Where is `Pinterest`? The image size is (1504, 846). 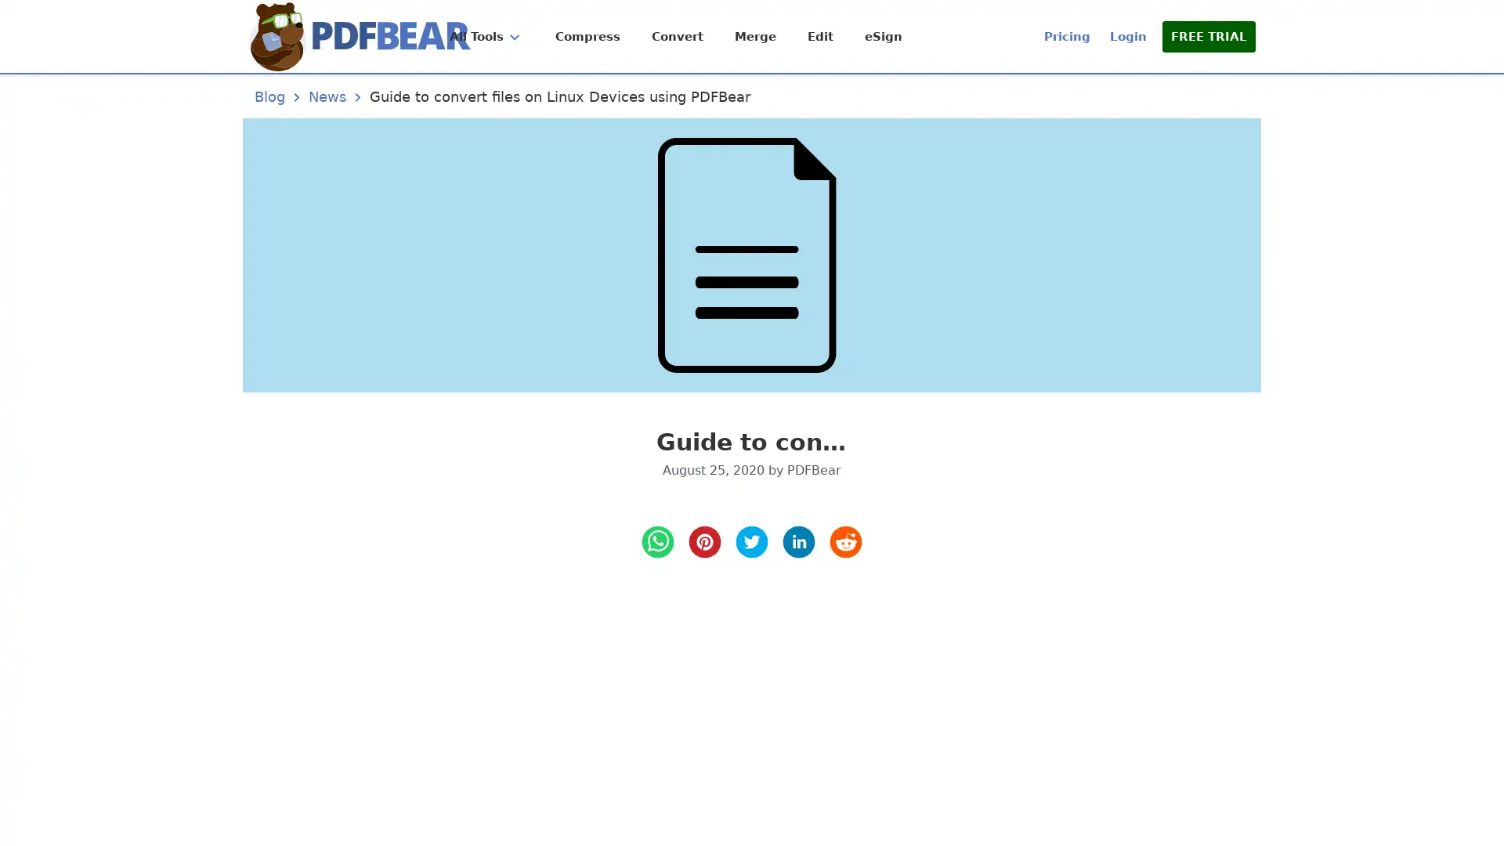
Pinterest is located at coordinates (704, 540).